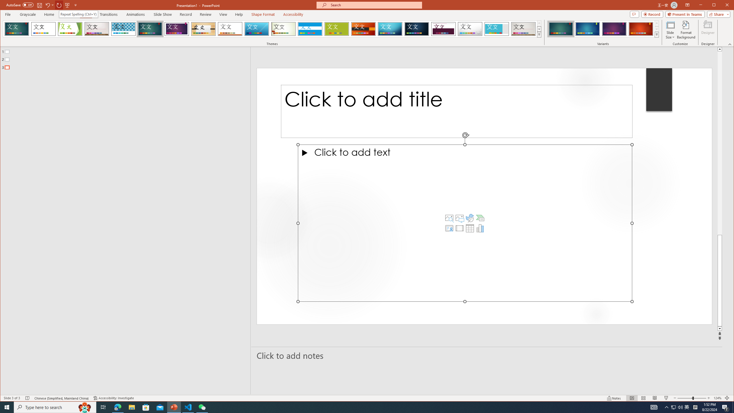  I want to click on 'Repeat Spelling (Ctrl+Y)', so click(78, 14).